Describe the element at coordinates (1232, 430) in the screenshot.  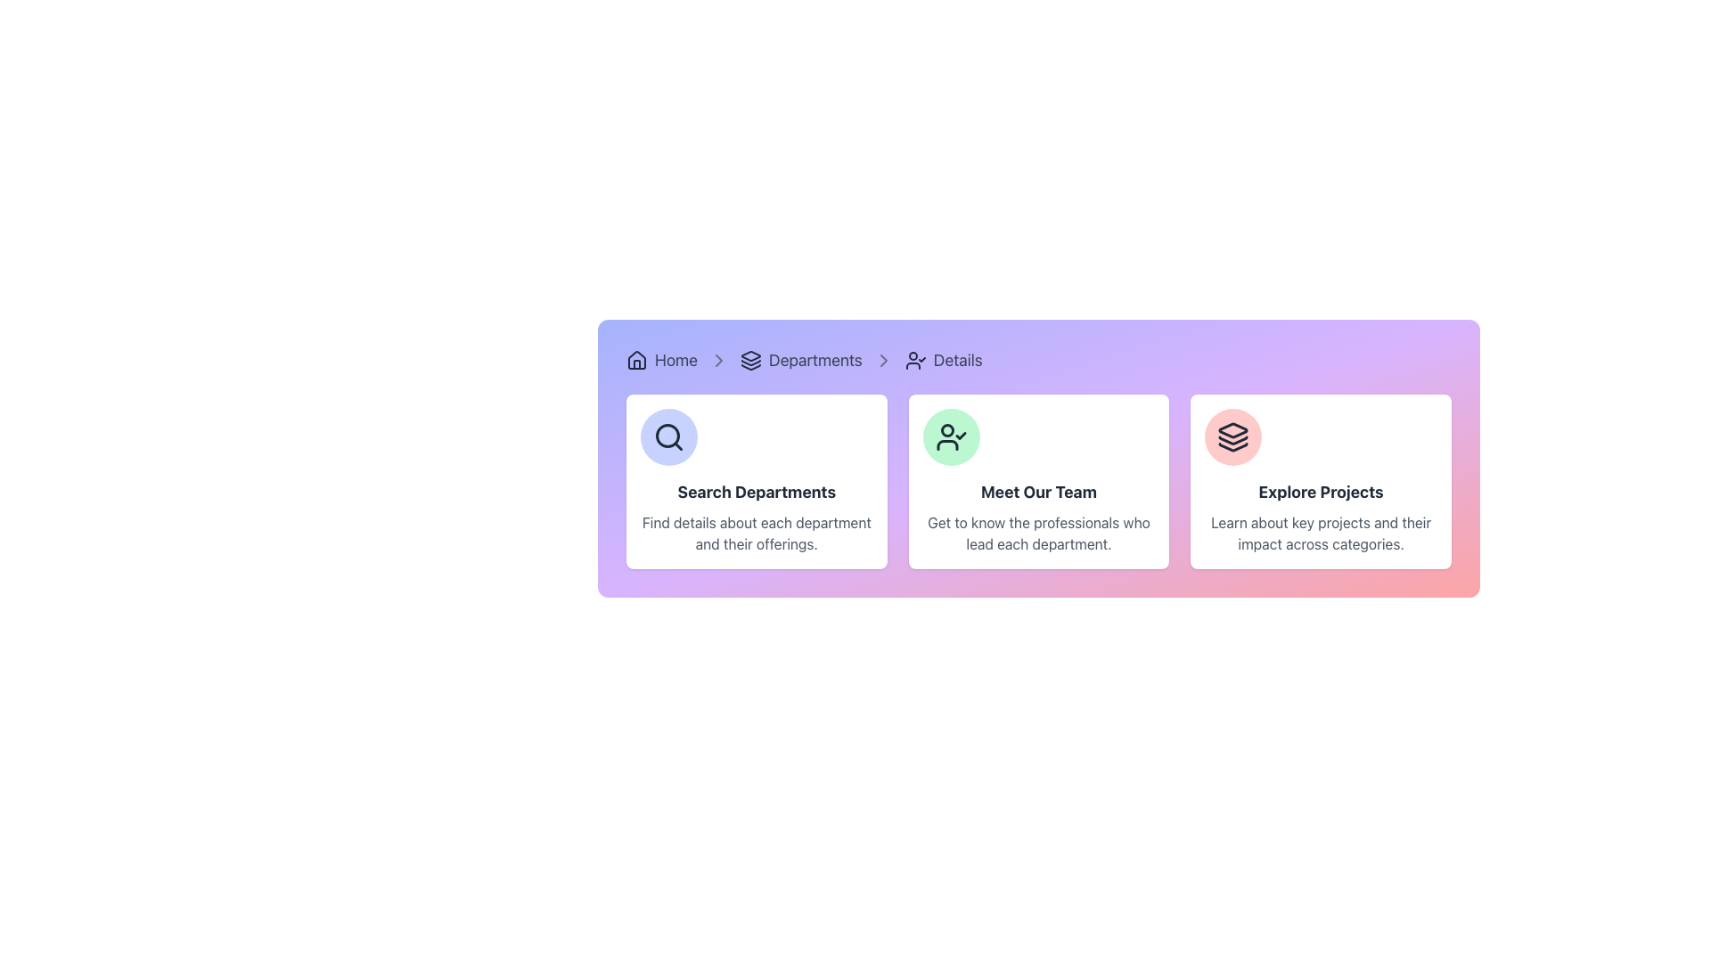
I see `the top-most triangular icon representing 'exploration' in the 'Explore Projects' section, located within the third card on the right in the main navigation panel` at that location.